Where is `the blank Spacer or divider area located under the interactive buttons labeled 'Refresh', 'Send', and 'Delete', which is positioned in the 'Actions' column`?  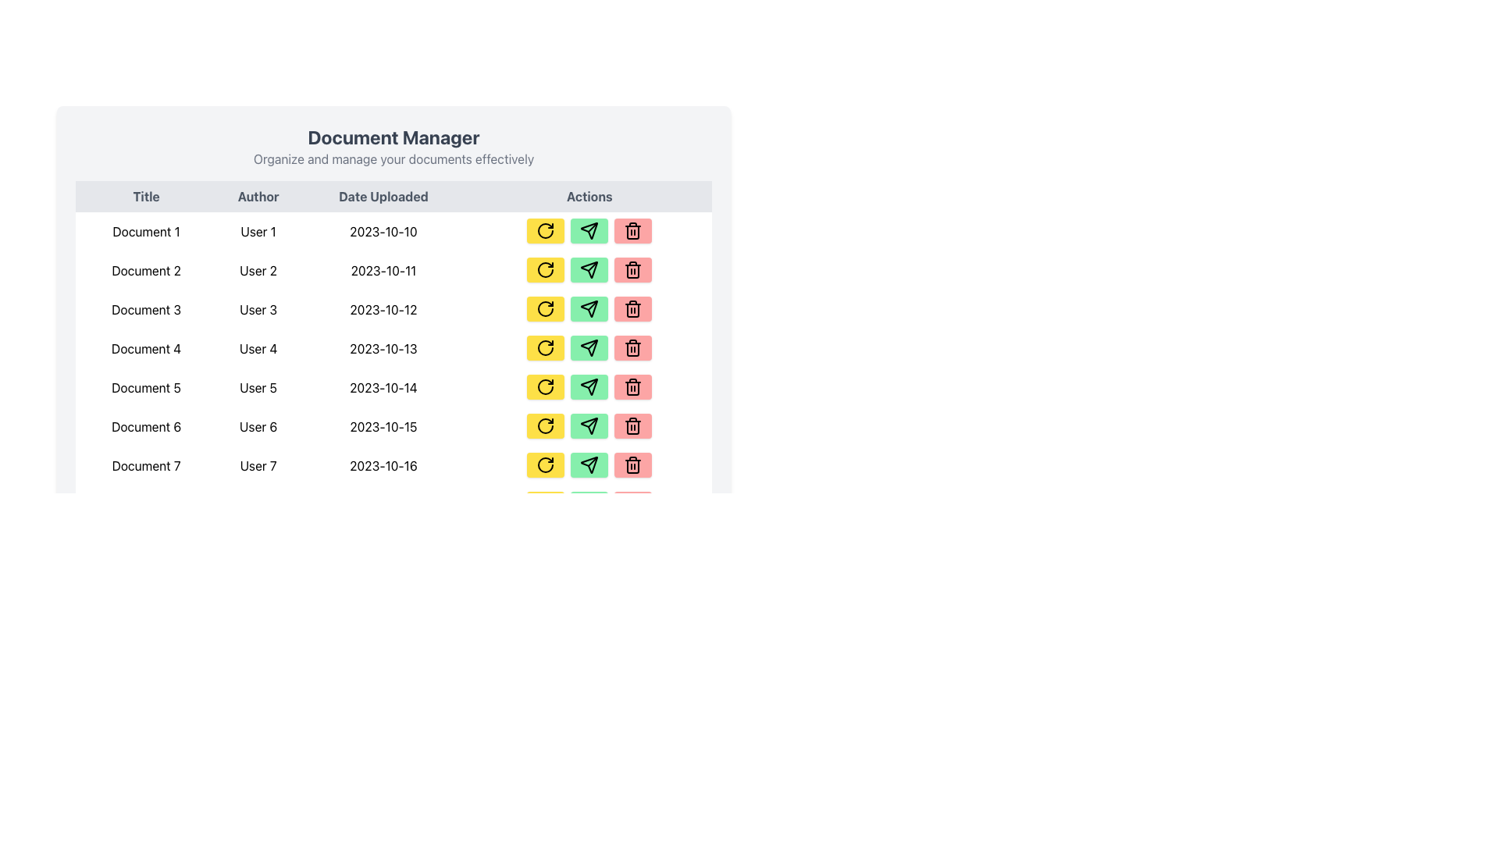
the blank Spacer or divider area located under the interactive buttons labeled 'Refresh', 'Send', and 'Delete', which is positioned in the 'Actions' column is located at coordinates (589, 621).